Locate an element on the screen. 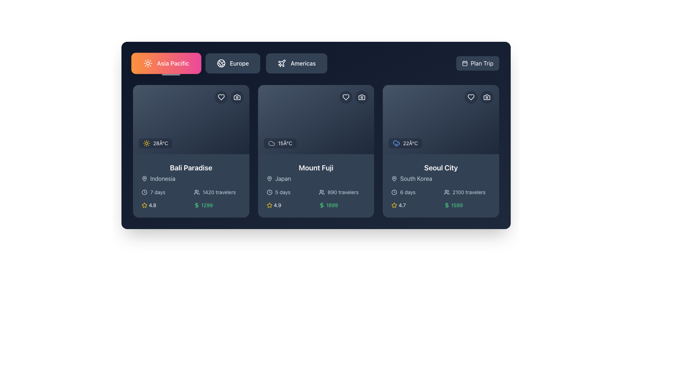  the camera icon styled in white with a dark circular background located at the top-right corner of the 'Bali Paradise' card is located at coordinates (237, 97).